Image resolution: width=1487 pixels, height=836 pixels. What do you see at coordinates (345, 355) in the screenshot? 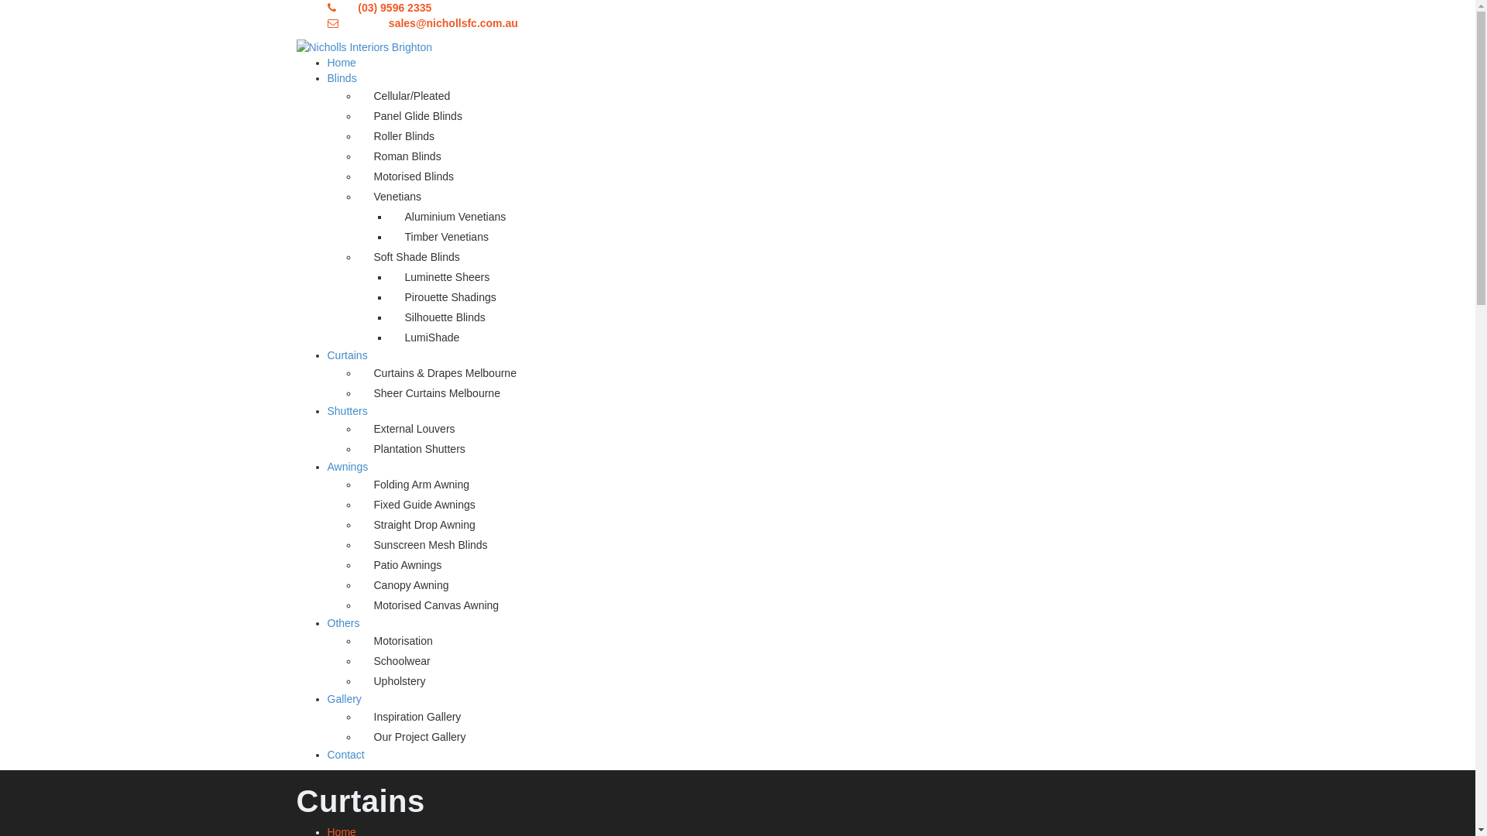
I see `'Curtains'` at bounding box center [345, 355].